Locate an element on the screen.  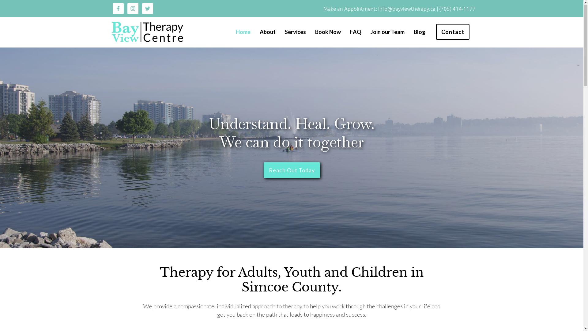
'info@bayviewtherapy.ca' is located at coordinates (407, 9).